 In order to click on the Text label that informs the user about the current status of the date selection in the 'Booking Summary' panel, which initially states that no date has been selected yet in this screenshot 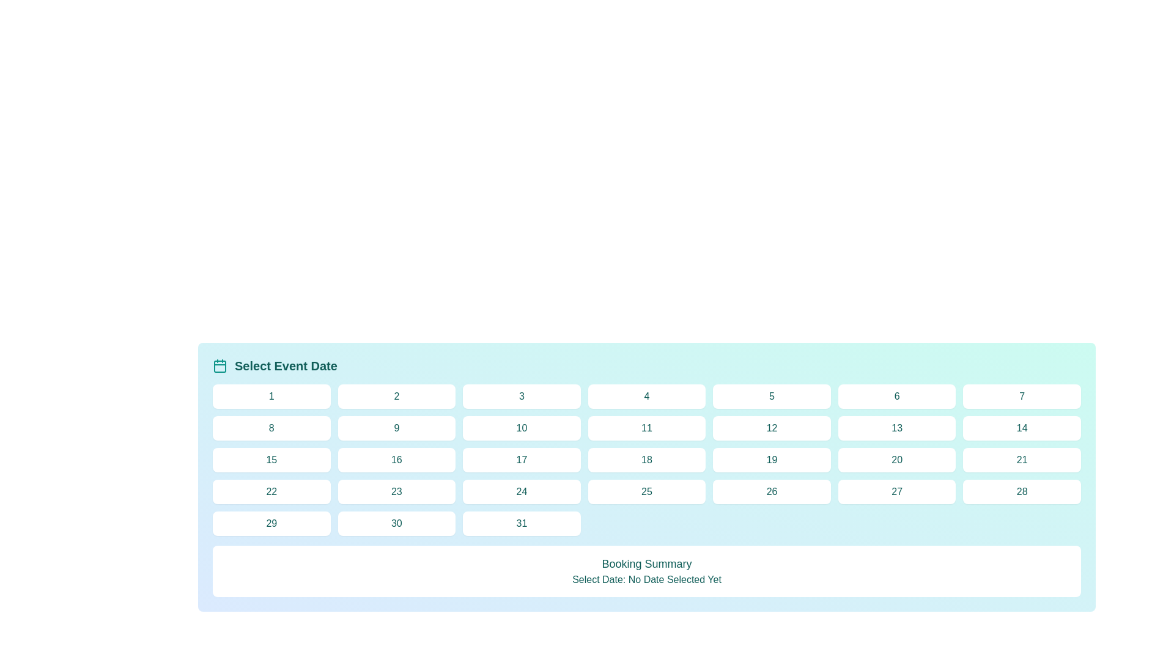, I will do `click(646, 579)`.